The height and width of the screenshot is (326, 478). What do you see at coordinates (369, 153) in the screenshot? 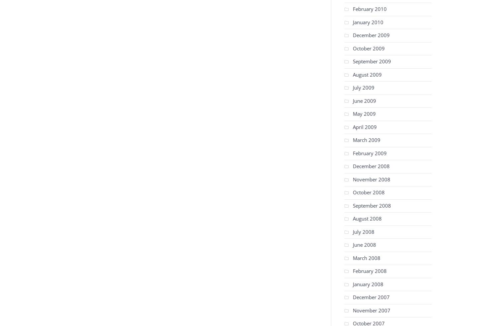
I see `'February 2009'` at bounding box center [369, 153].